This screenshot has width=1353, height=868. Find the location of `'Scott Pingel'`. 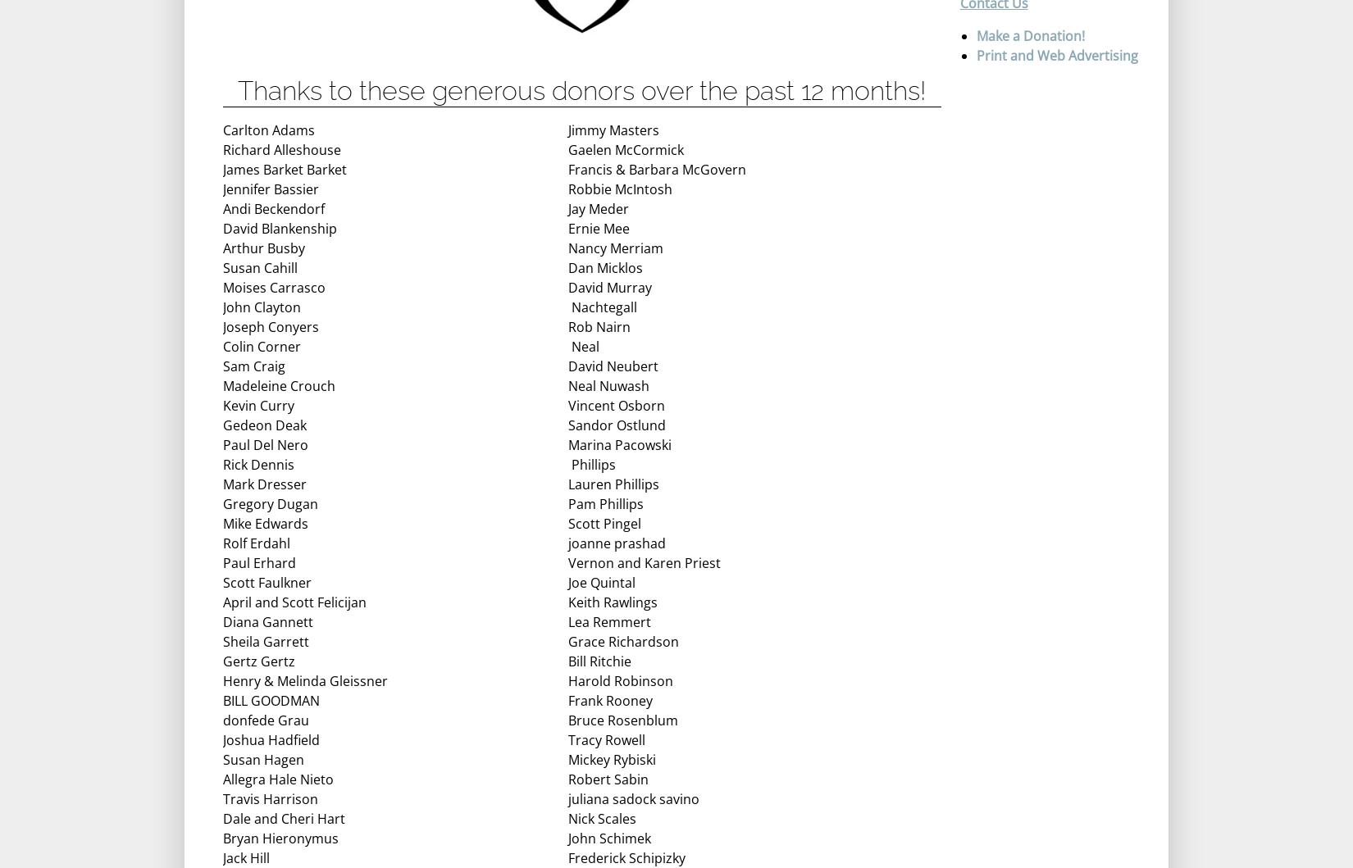

'Scott Pingel' is located at coordinates (604, 524).